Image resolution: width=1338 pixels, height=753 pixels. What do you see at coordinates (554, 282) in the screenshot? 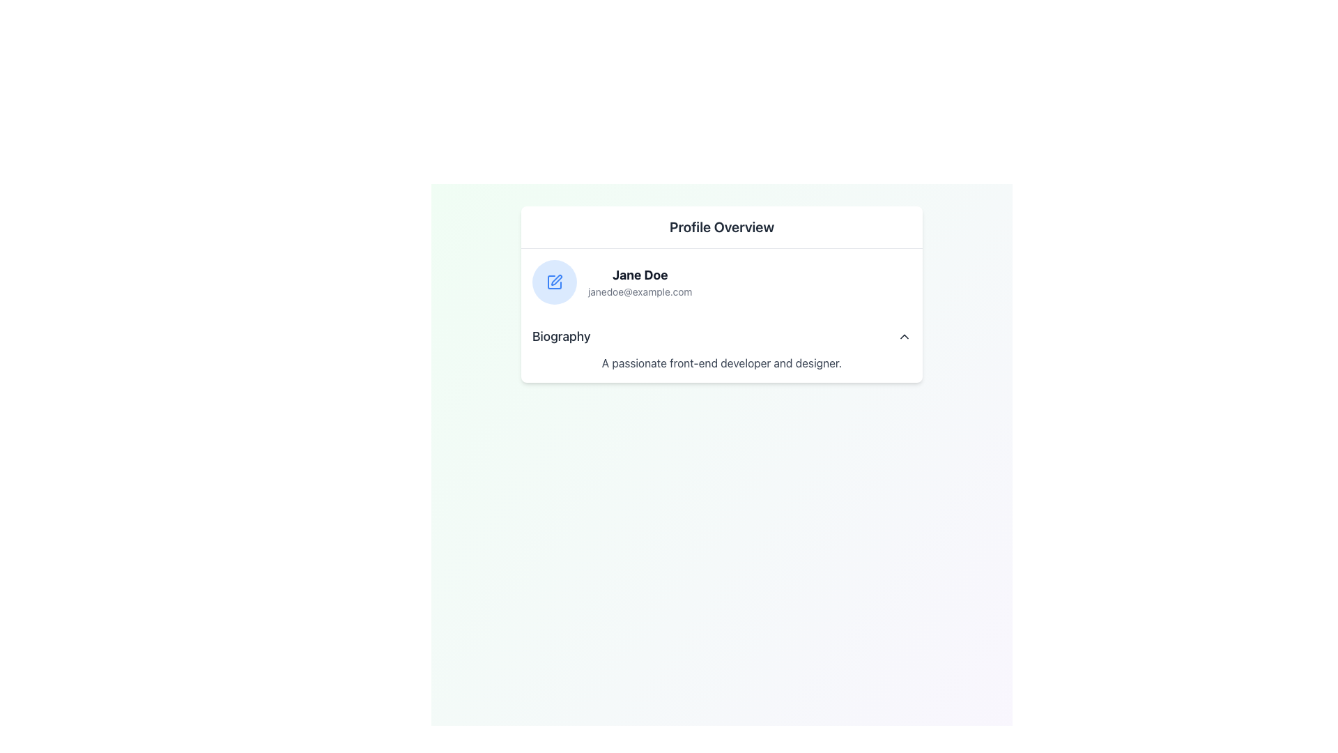
I see `the profile picture or editing icon located in the top left of the Profile Overview section` at bounding box center [554, 282].